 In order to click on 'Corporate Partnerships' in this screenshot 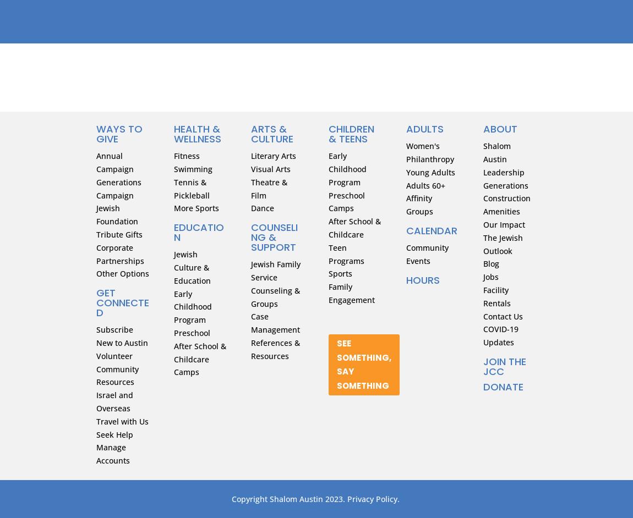, I will do `click(119, 253)`.